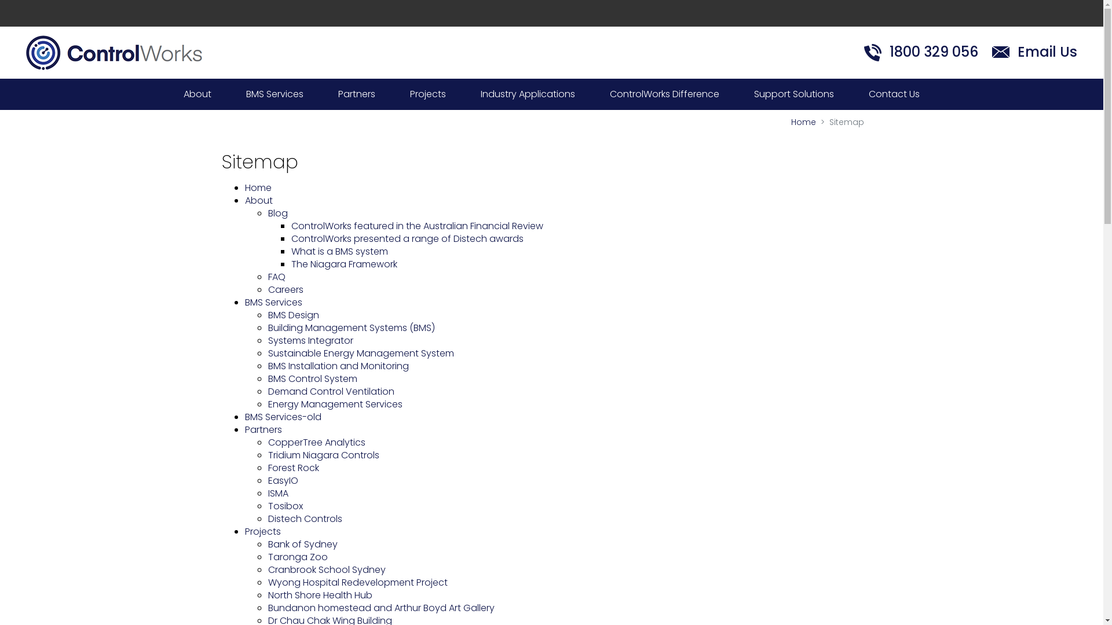 This screenshot has width=1112, height=625. What do you see at coordinates (320, 93) in the screenshot?
I see `'Partners'` at bounding box center [320, 93].